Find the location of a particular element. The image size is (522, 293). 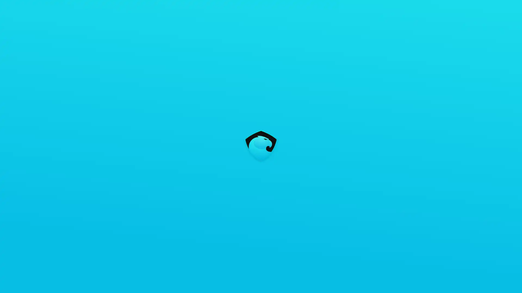

Aragon Governance DEMOCRACY is located at coordinates (334, 82).